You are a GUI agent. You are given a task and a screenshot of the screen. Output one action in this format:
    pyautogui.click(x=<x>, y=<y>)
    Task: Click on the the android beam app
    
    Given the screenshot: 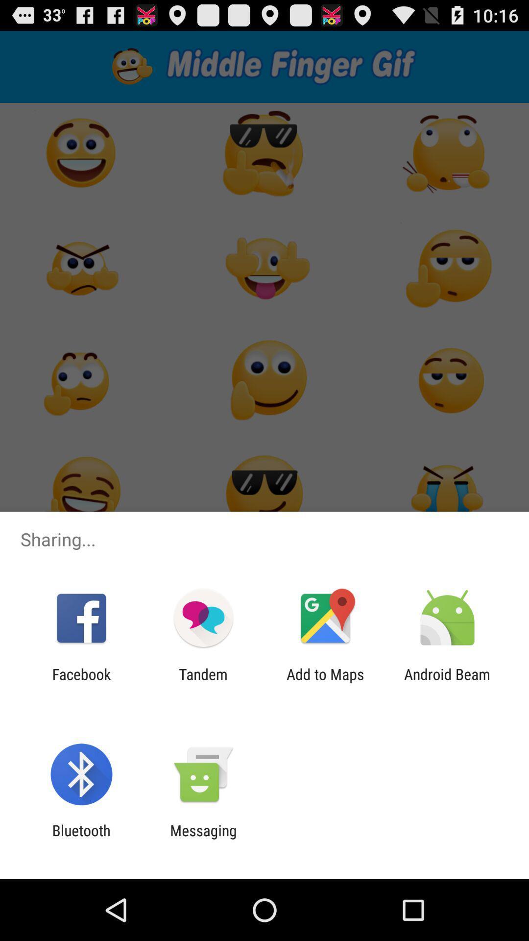 What is the action you would take?
    pyautogui.click(x=447, y=682)
    